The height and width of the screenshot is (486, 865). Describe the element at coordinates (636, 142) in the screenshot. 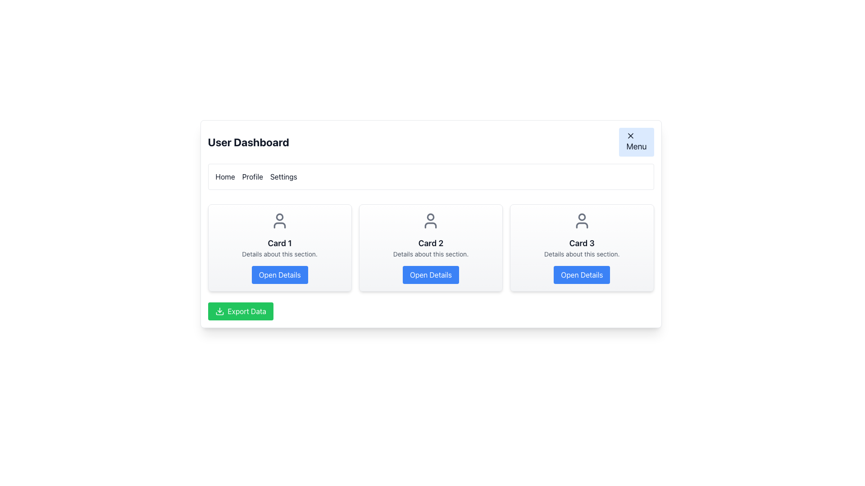

I see `the toggle button located in the top-right corner of the header to observe its hover effect` at that location.